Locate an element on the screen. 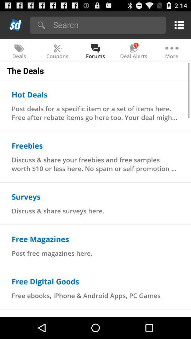  search menu is located at coordinates (107, 24).